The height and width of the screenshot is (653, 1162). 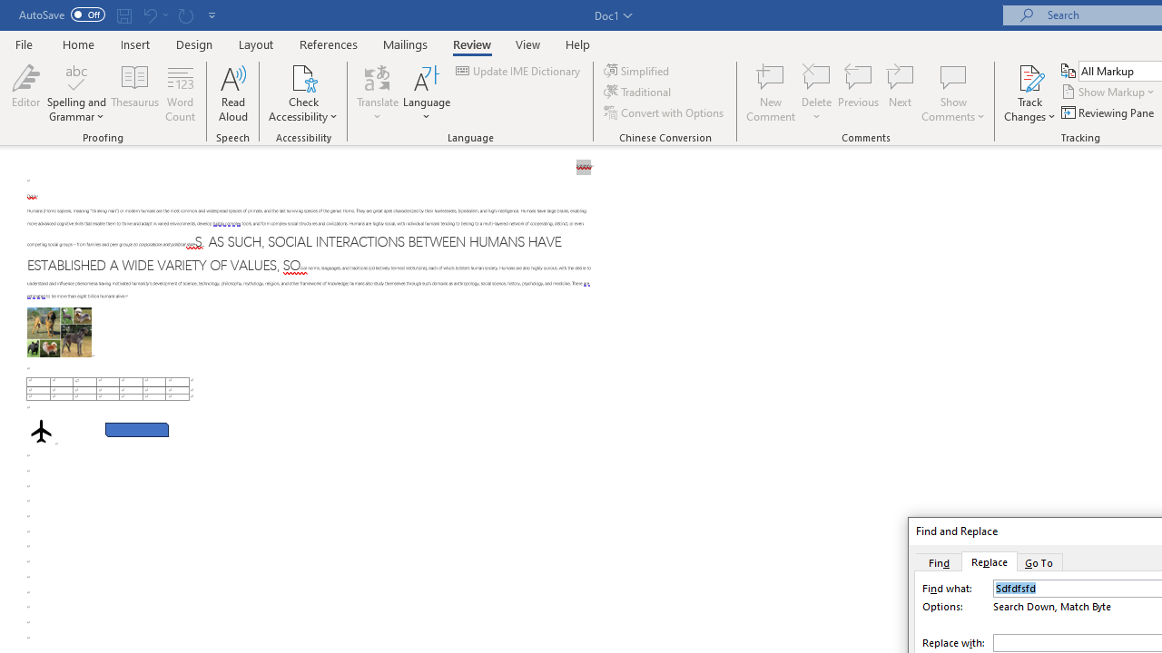 I want to click on 'Rectangle: Diagonal Corners Snipped 2', so click(x=136, y=429).